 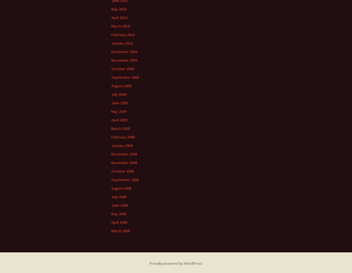 What do you see at coordinates (121, 86) in the screenshot?
I see `'August 2009'` at bounding box center [121, 86].